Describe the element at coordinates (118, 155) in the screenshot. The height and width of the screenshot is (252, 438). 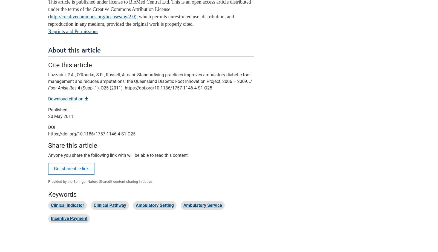
I see `'Anyone you share the following link with will be able to read this content:'` at that location.